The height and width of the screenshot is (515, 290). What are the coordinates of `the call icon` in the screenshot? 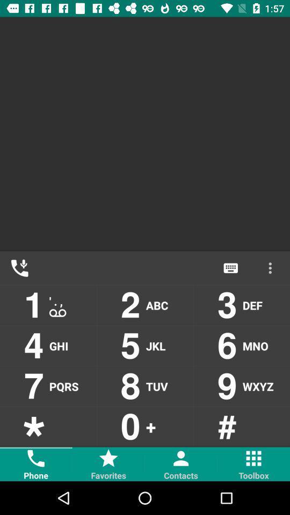 It's located at (19, 267).